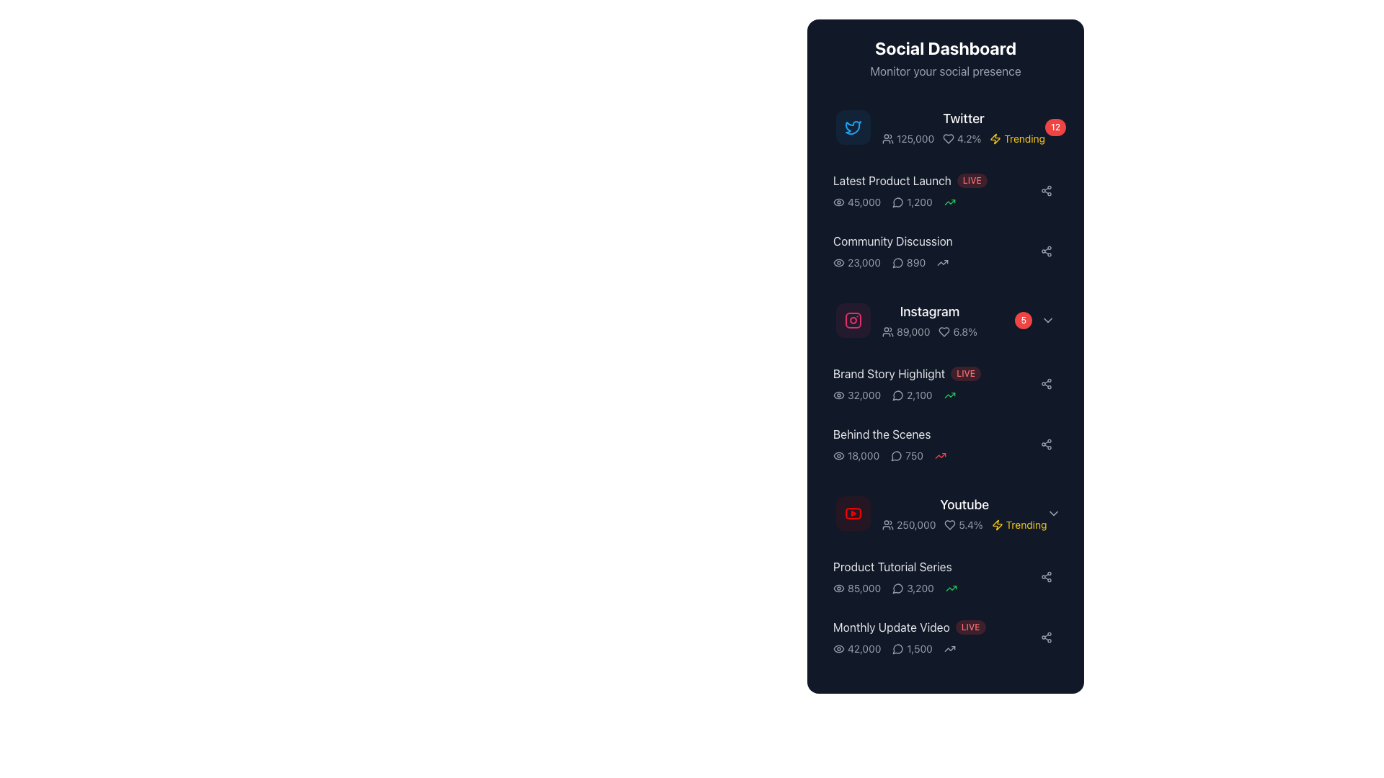 Image resolution: width=1384 pixels, height=778 pixels. I want to click on the 'Like' or 'Favorite' icon located in the 'Twitter' section of the Social Dashboard table, positioned immediately to the left of the numeric value '4.2%, so click(949, 138).